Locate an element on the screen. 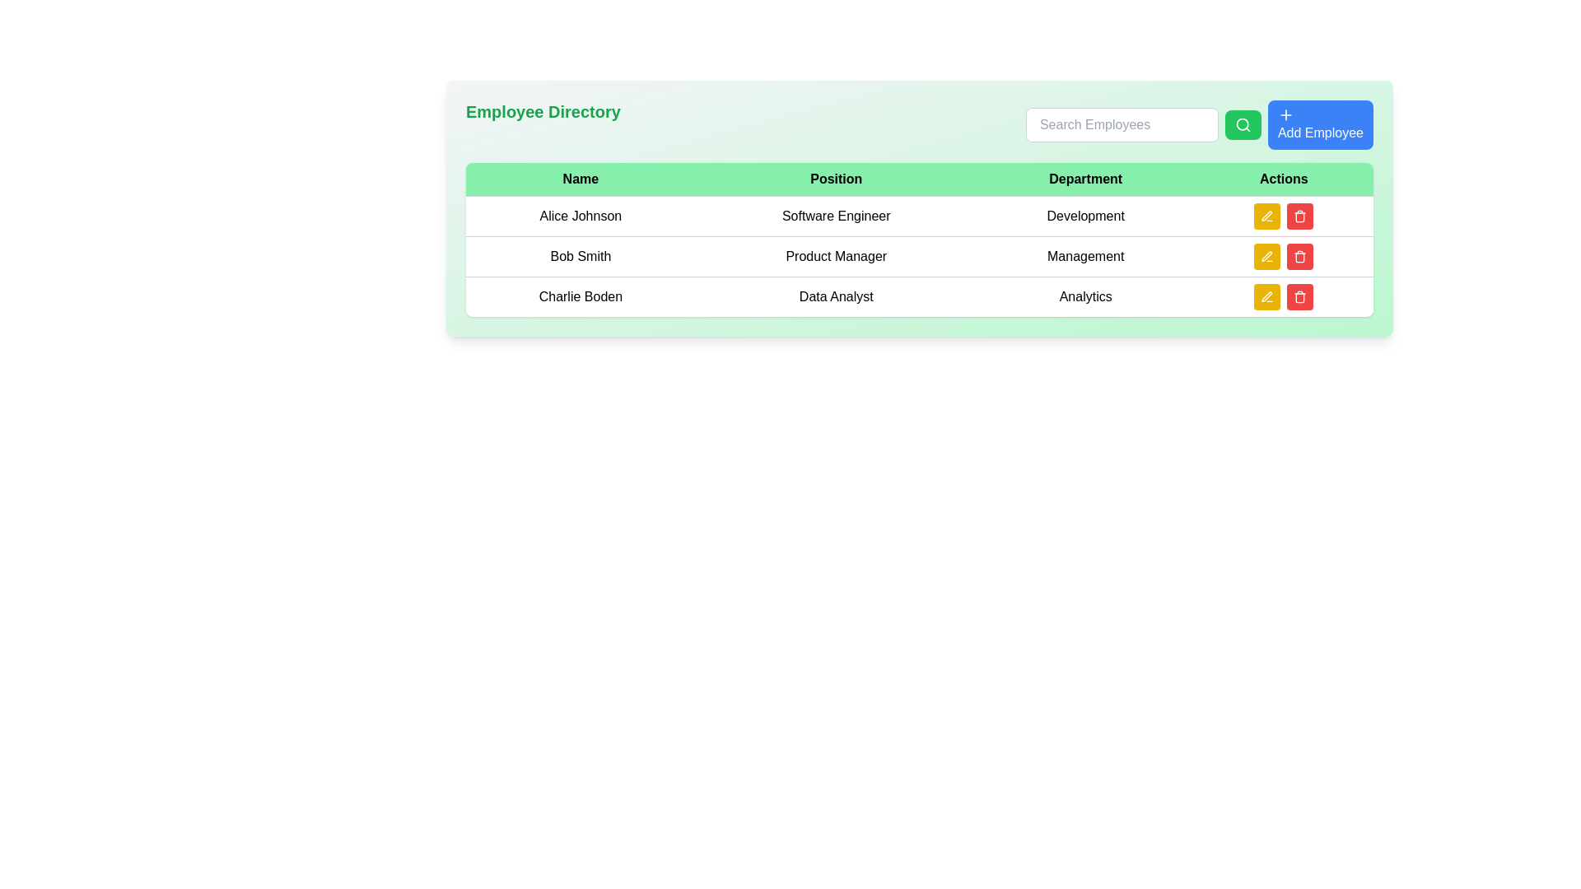  the label indicating the job title of the employee in the third row and second column of the Employee Directory, which is located next to 'Charlie Boden' and 'Analytics' is located at coordinates (836, 296).